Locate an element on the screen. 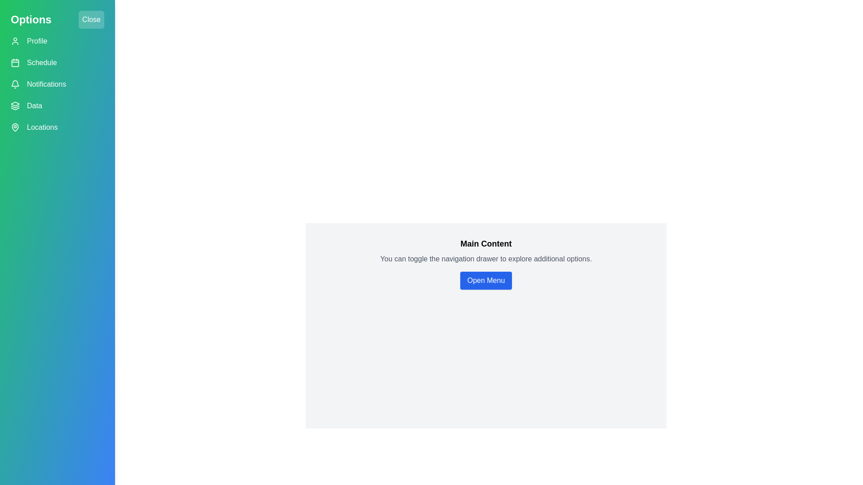 The image size is (863, 485). the Locations button in the navigation menu is located at coordinates (57, 128).